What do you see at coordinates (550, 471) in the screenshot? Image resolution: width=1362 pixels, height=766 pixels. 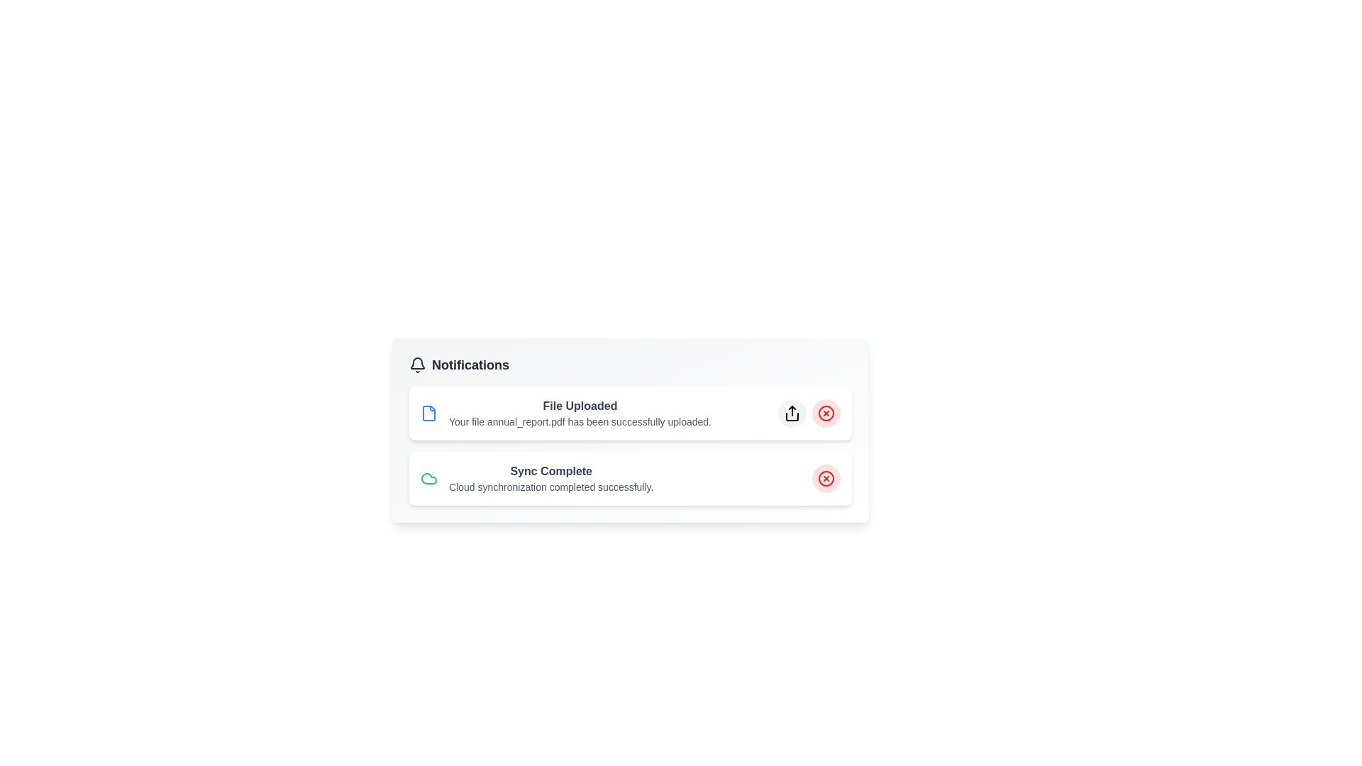 I see `the prominent heading text that displays 'Sync Complete' within the second notification card, which is visually emphasized in bold dark gray font` at bounding box center [550, 471].